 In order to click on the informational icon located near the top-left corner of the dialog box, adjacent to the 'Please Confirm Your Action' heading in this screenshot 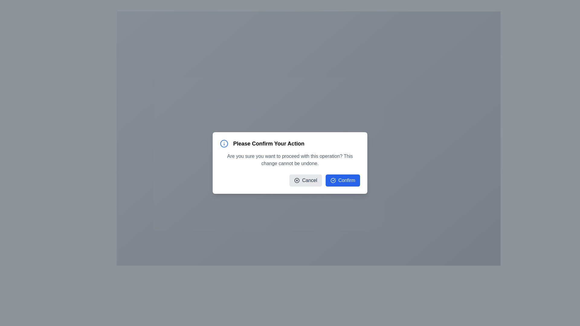, I will do `click(224, 143)`.